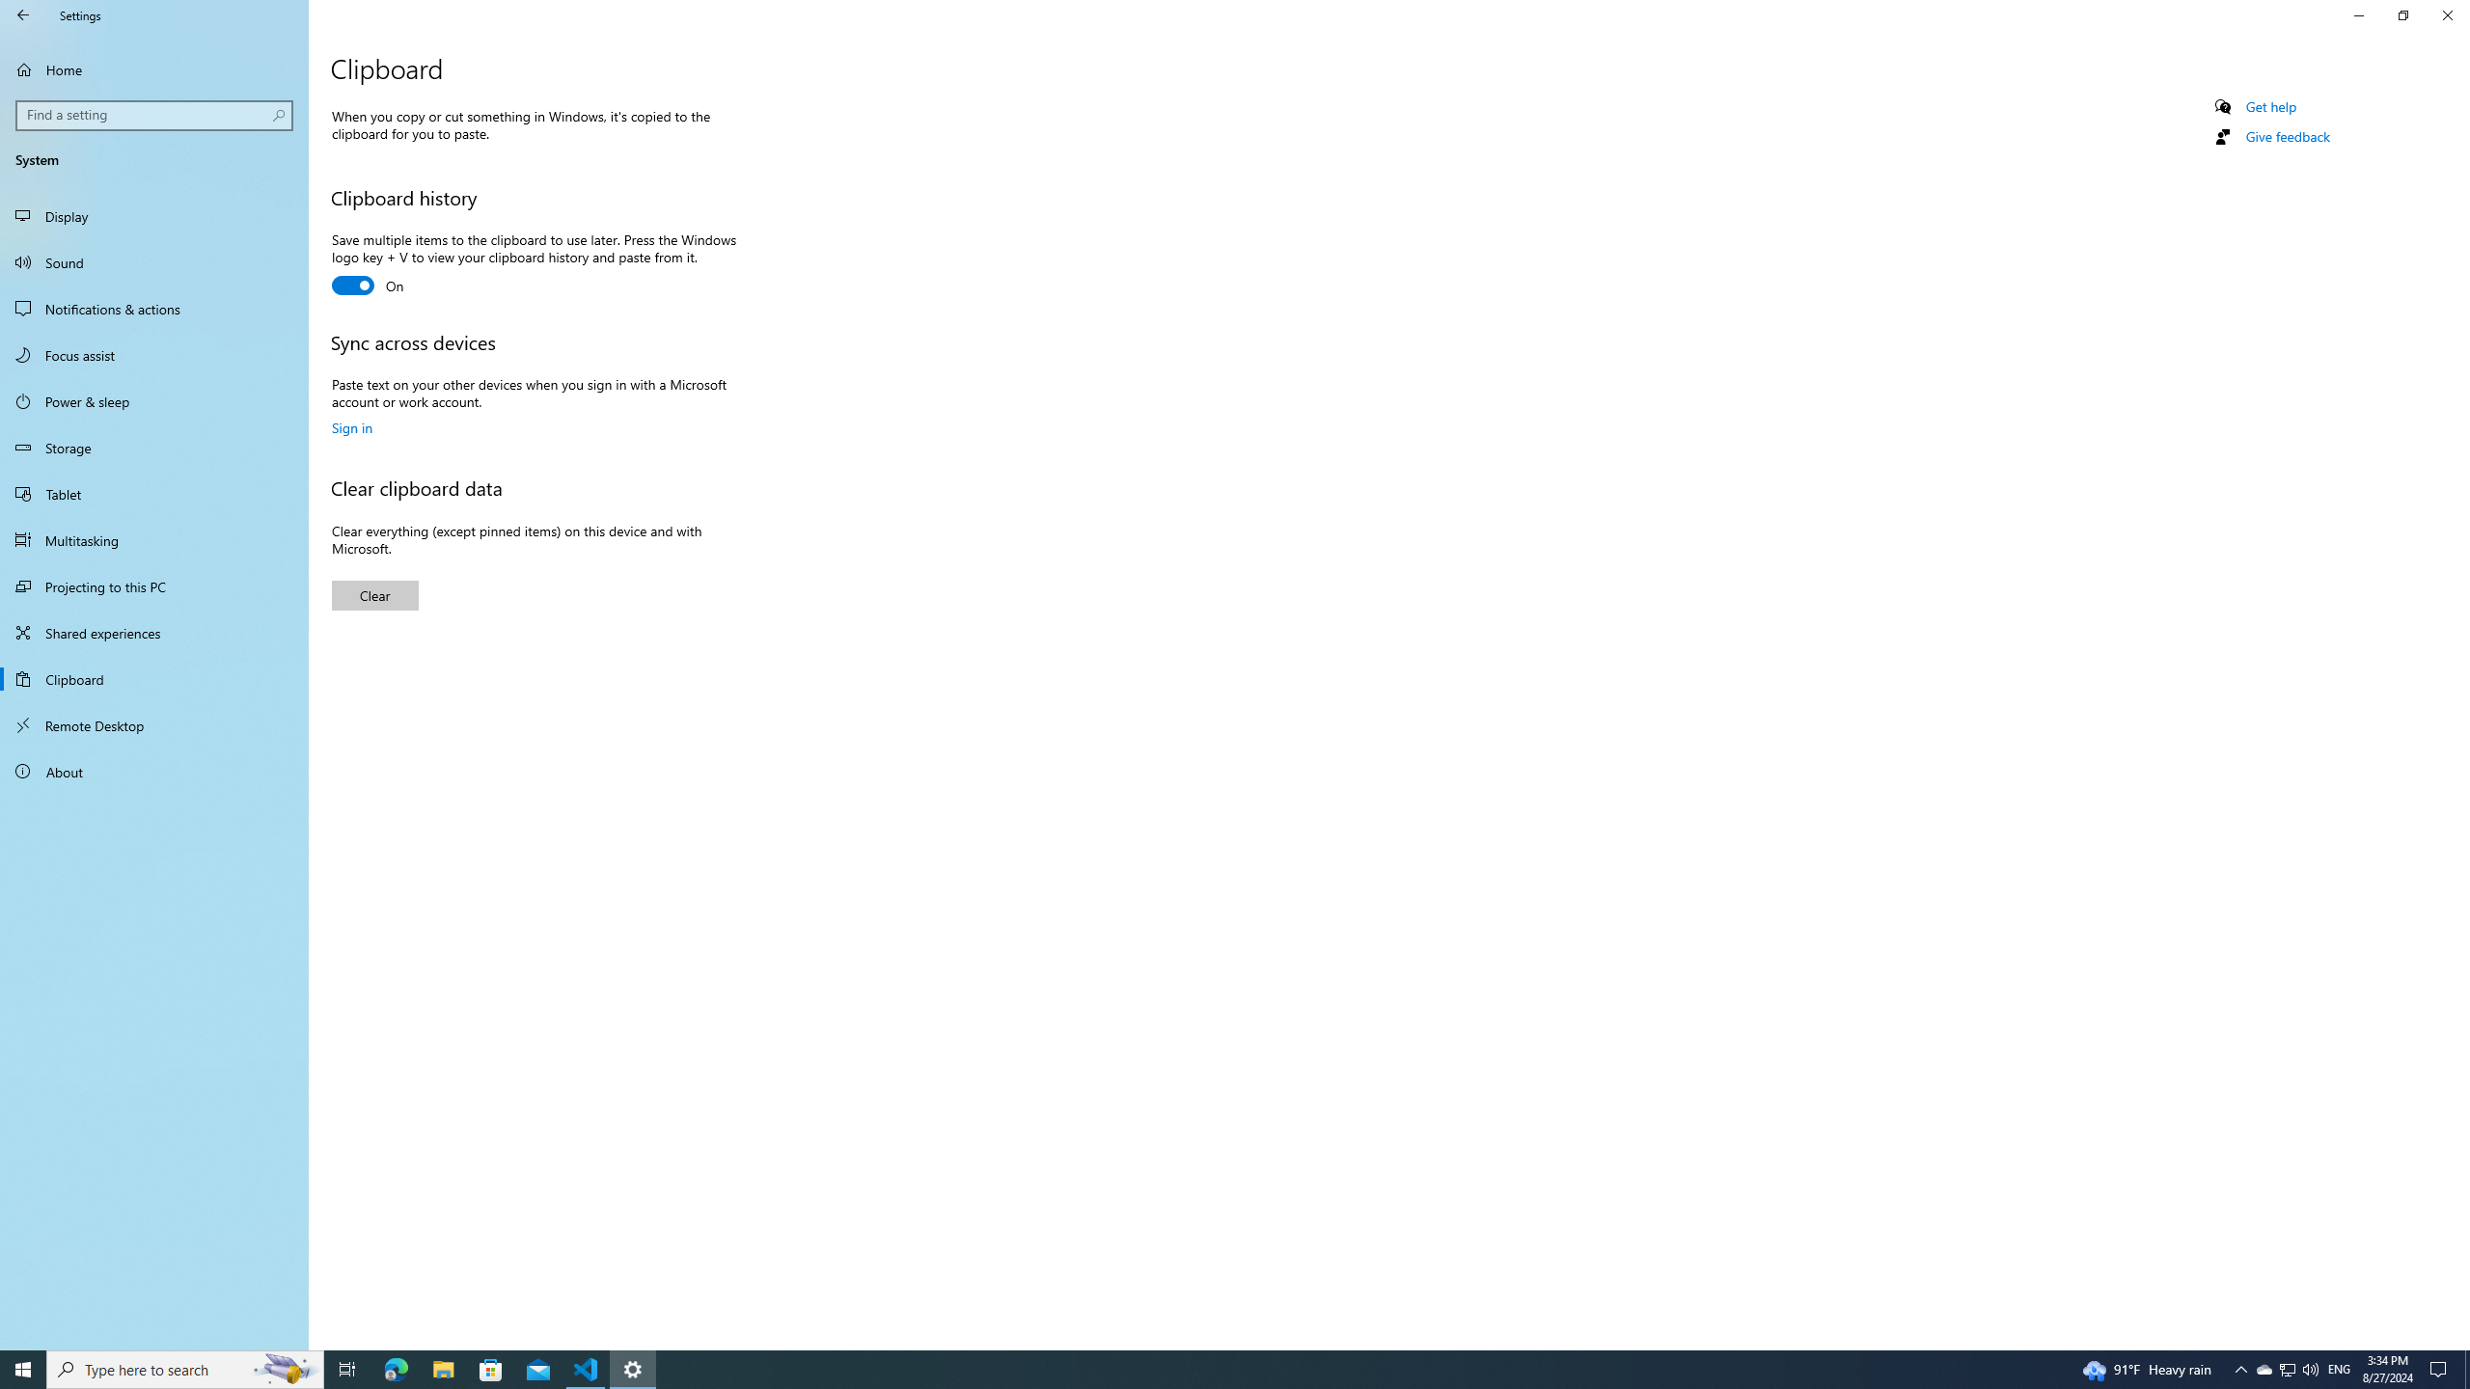 The image size is (2470, 1389). What do you see at coordinates (374, 594) in the screenshot?
I see `'Clear'` at bounding box center [374, 594].